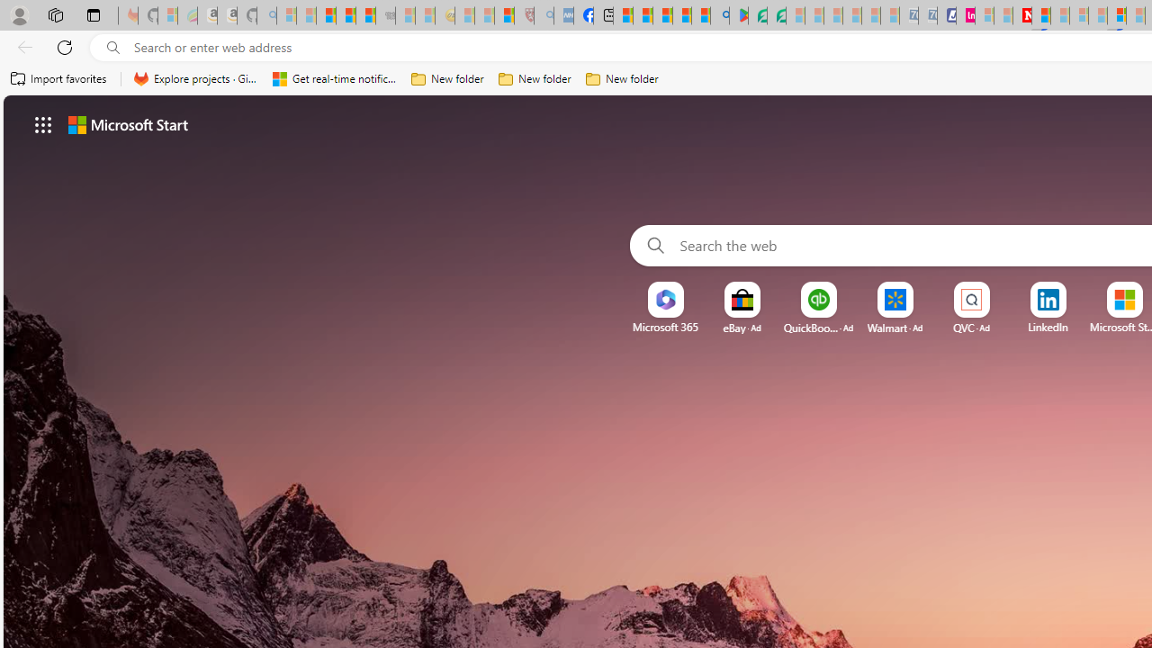 The width and height of the screenshot is (1152, 648). What do you see at coordinates (504, 15) in the screenshot?
I see `'Local - MSN'` at bounding box center [504, 15].